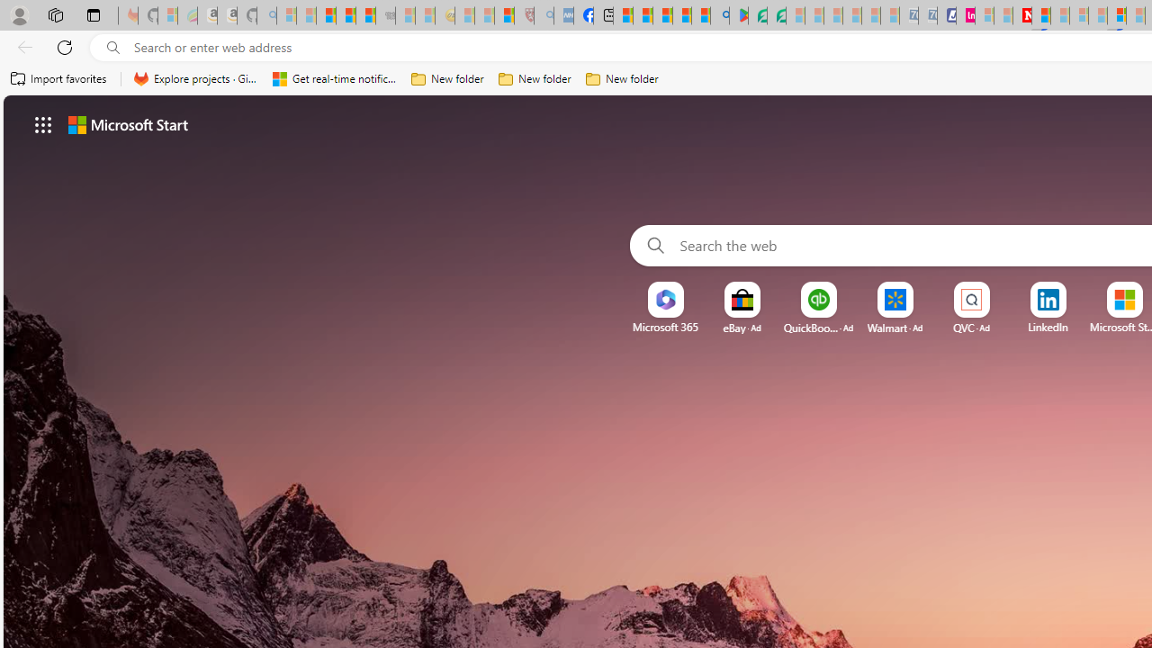 The width and height of the screenshot is (1152, 648). What do you see at coordinates (504, 15) in the screenshot?
I see `'Local - MSN'` at bounding box center [504, 15].